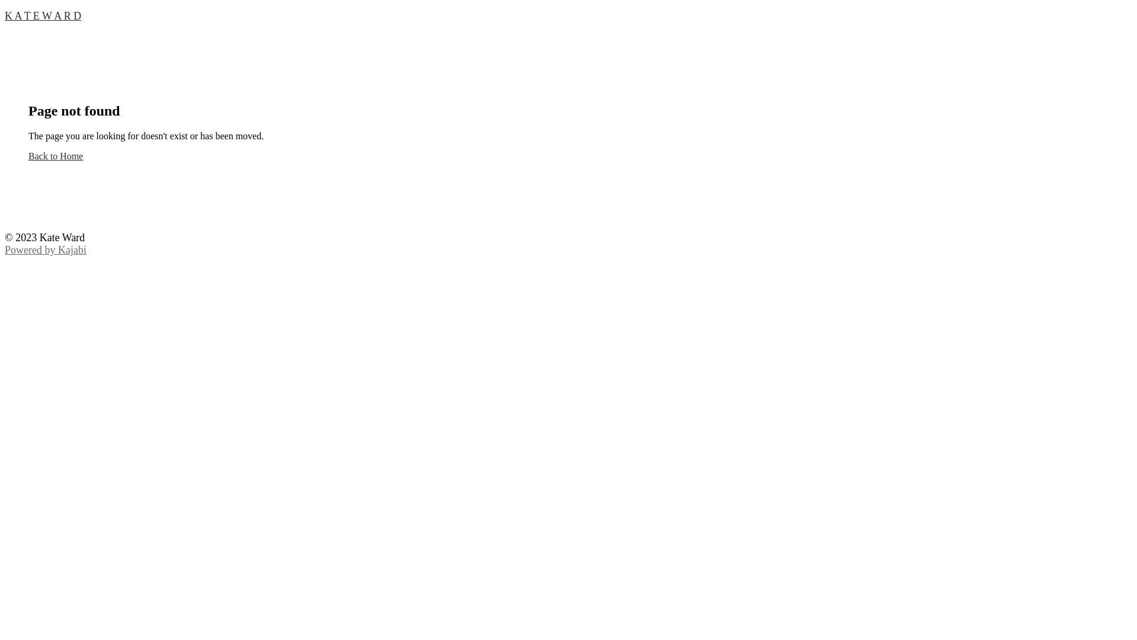  Describe the element at coordinates (28, 155) in the screenshot. I see `'Back to Home'` at that location.